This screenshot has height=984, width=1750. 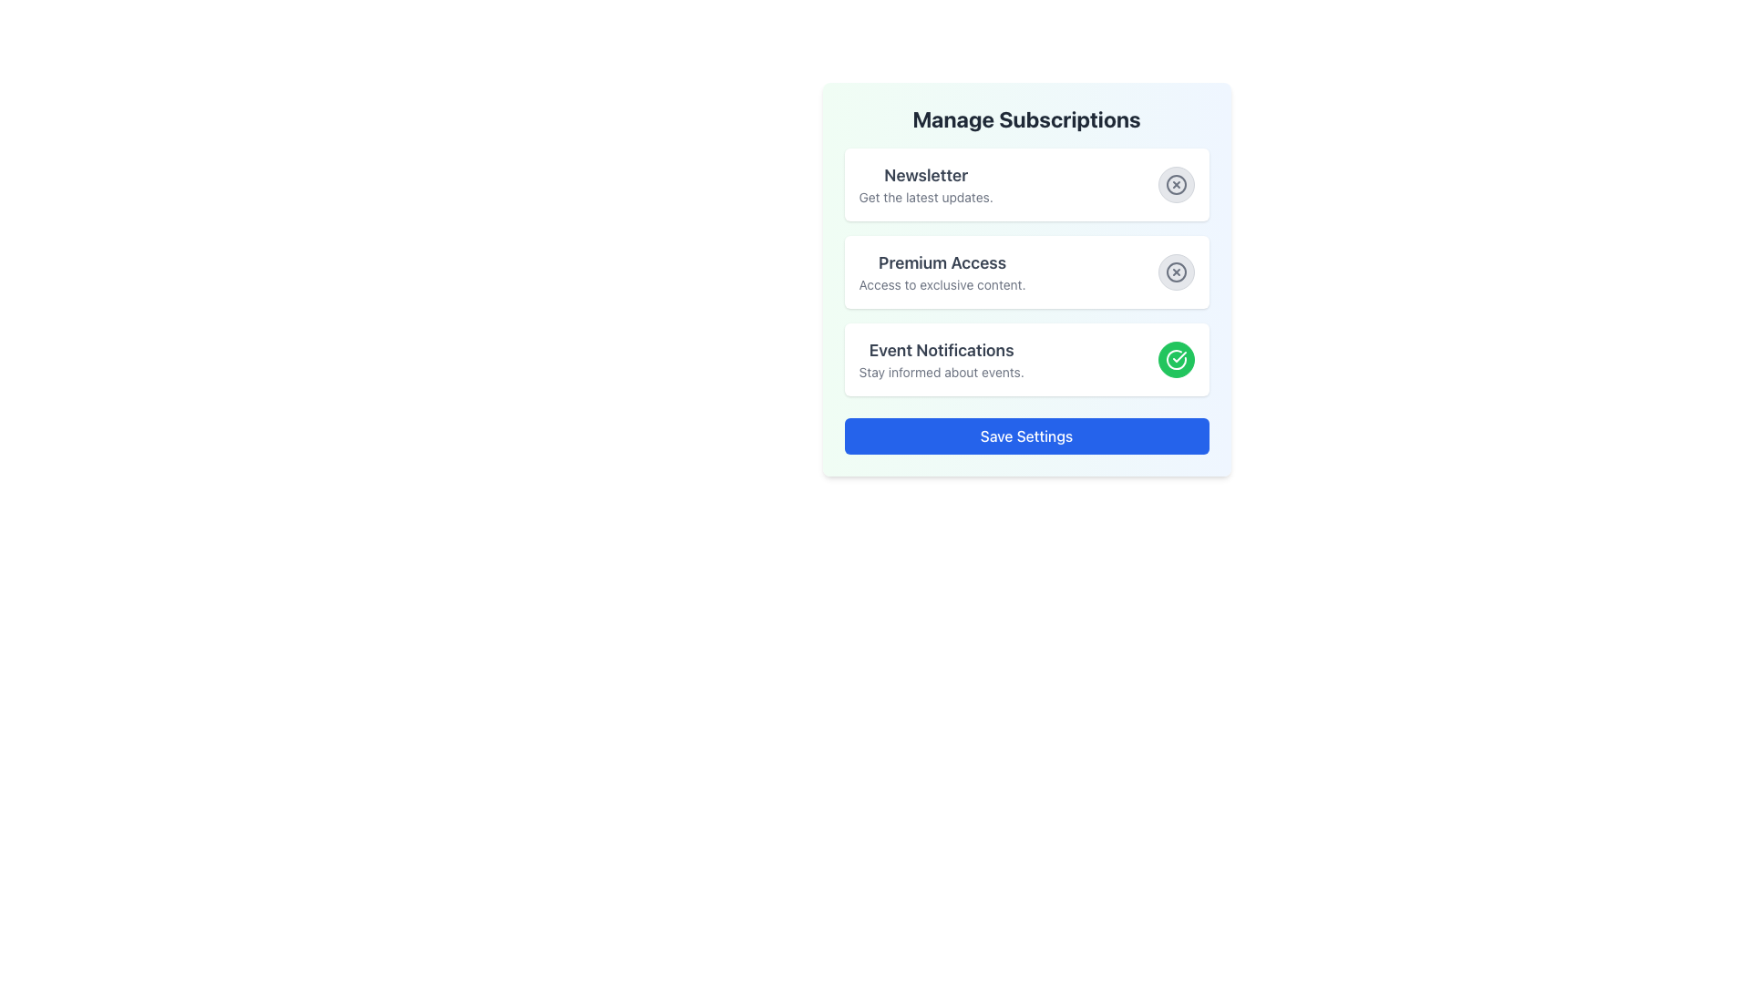 What do you see at coordinates (1176, 272) in the screenshot?
I see `the clickable button intended for deleting or removing the 'Premium Access' subscription, located in the second row of the 'Manage Subscriptions' section, aligned to the right side of the row` at bounding box center [1176, 272].